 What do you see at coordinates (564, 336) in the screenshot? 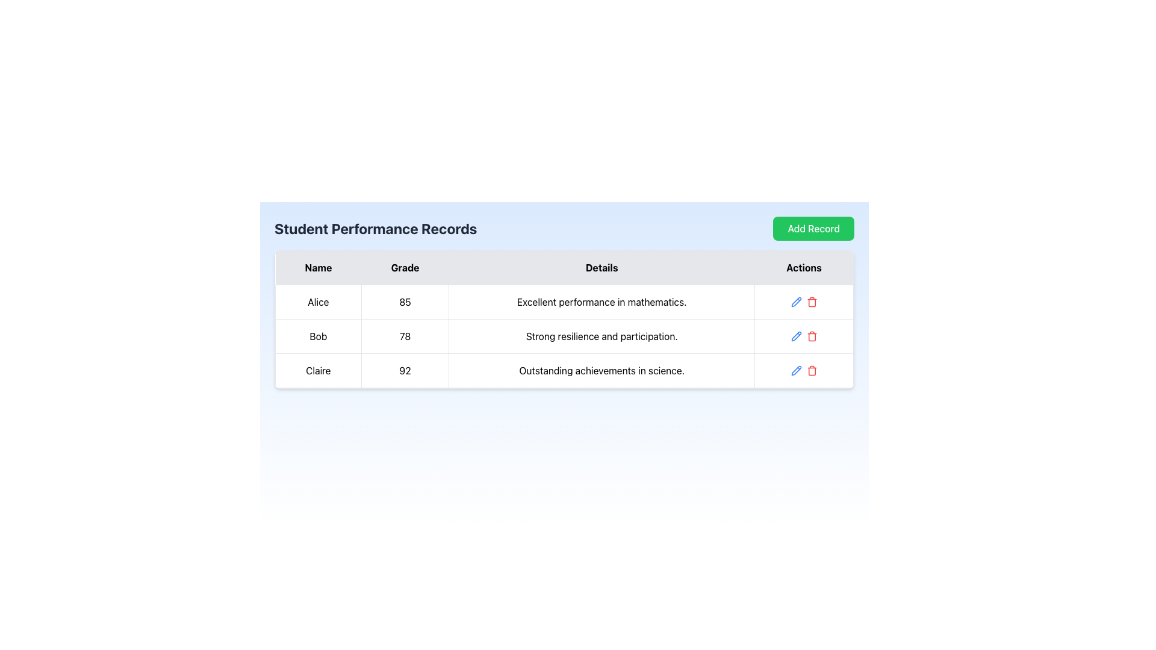
I see `the table row displaying 'Bob 78 Strong resilience and participation.' which is located under the 'Student Performance Records' section` at bounding box center [564, 336].